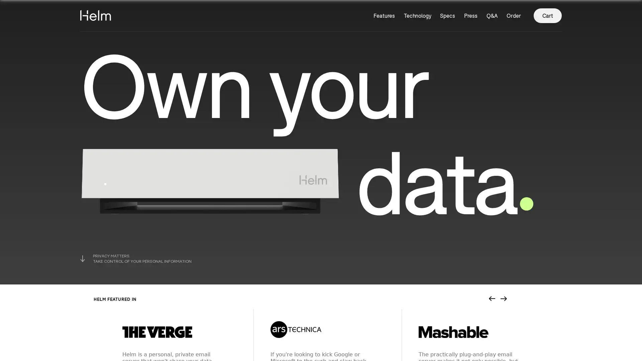 Image resolution: width=642 pixels, height=361 pixels. I want to click on Cart, so click(547, 15).